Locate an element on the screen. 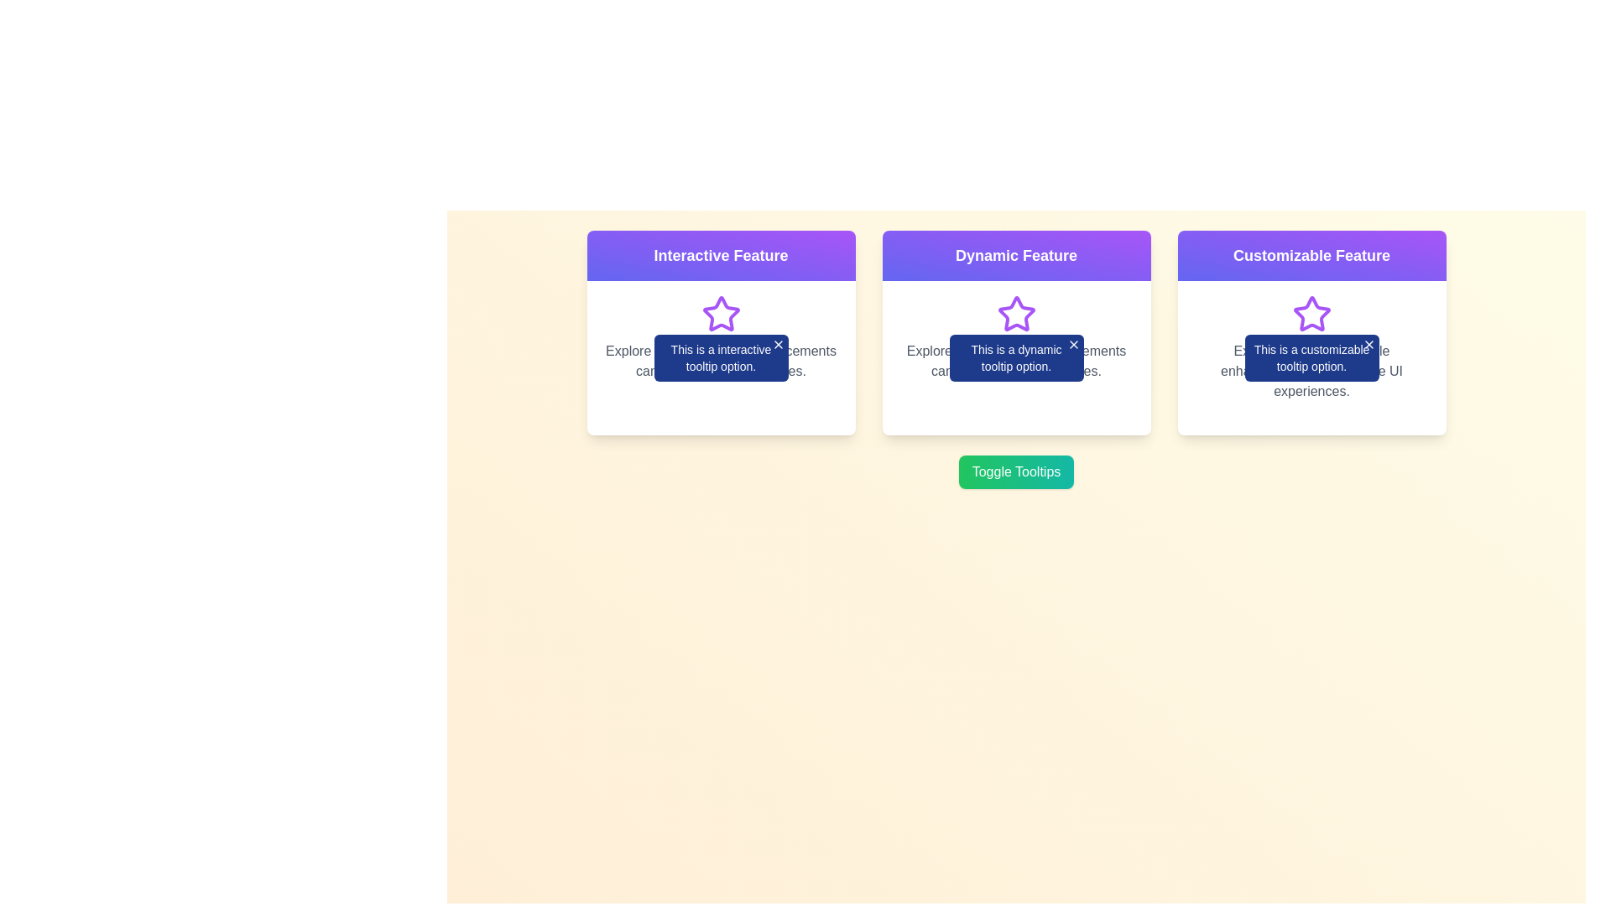 The image size is (1611, 906). the 'X' button on the top-right corner of the tooltip with dark blue background and white text that says 'This is a customizable tooltip option.' is located at coordinates (1311, 357).